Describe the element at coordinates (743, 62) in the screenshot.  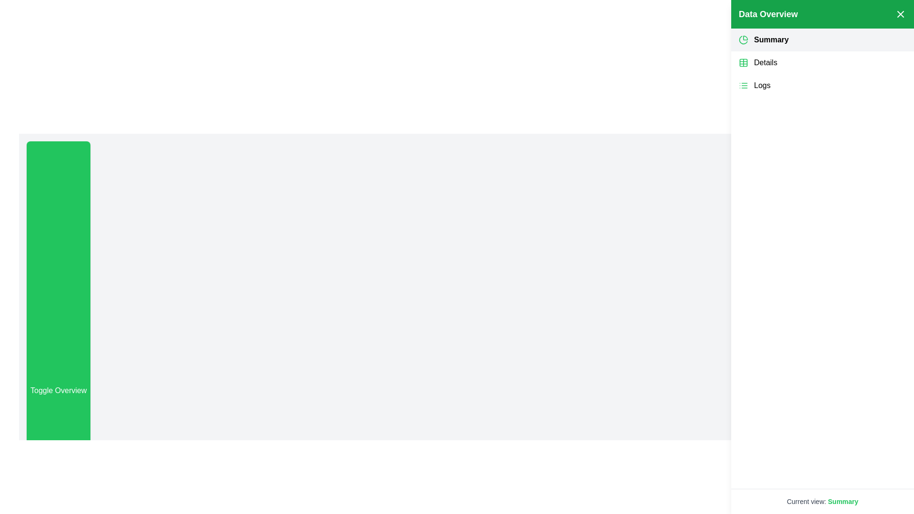
I see `the green square-shaped icon with a table-like grid layout located to the left of the 'Details' text label in the collapsible menu panel` at that location.